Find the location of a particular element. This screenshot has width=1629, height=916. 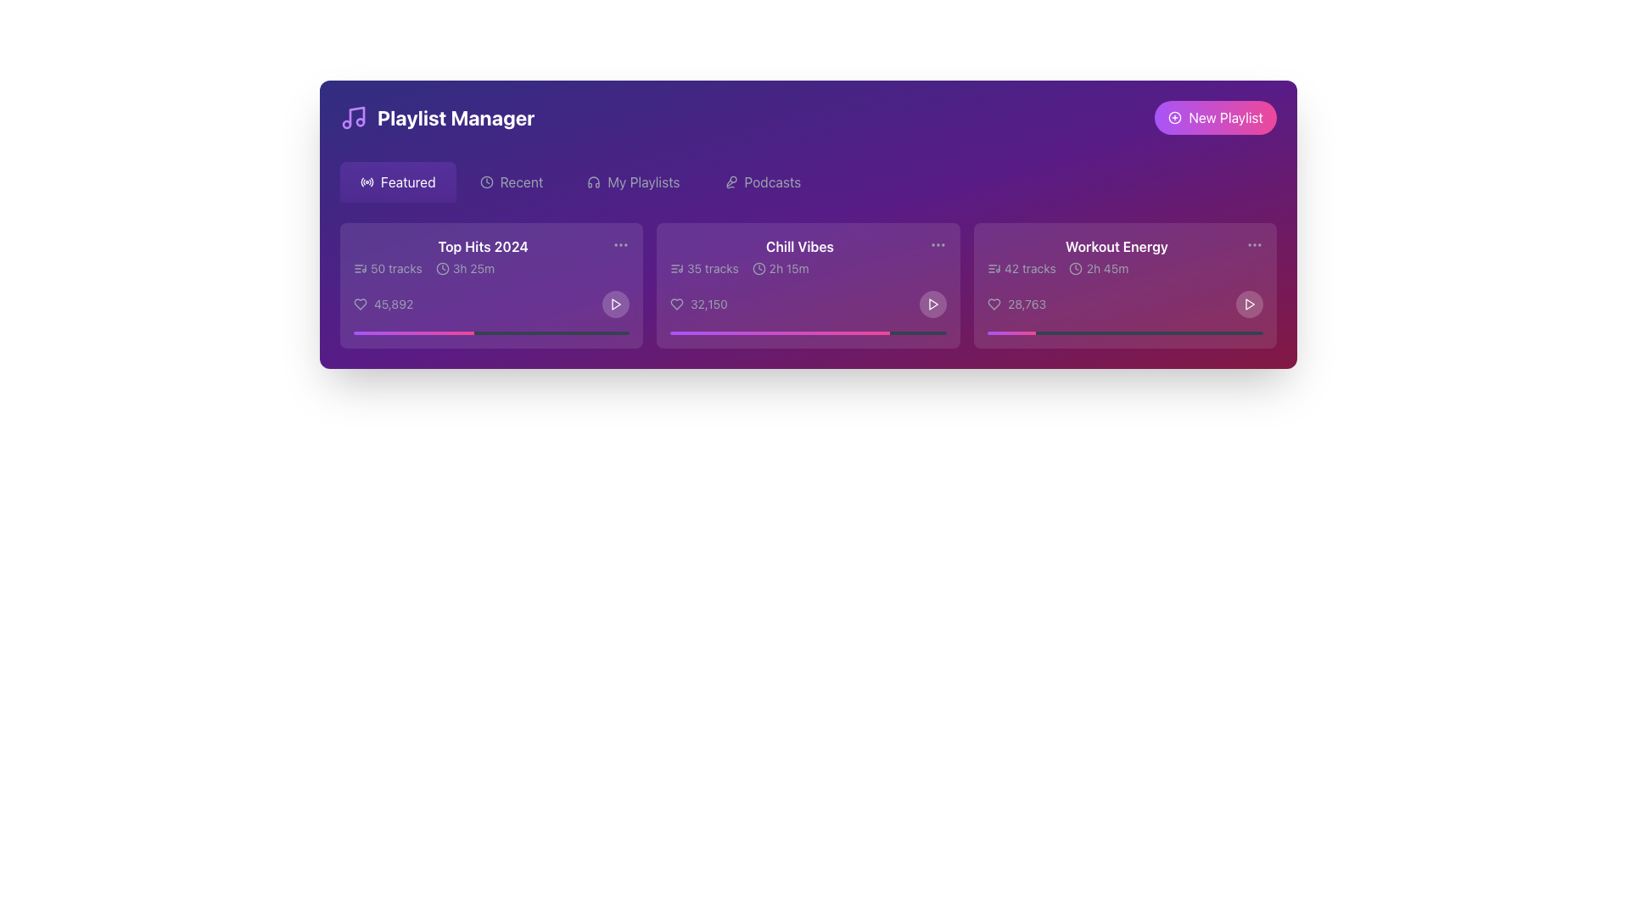

the text and icons displaying '35 tracks' and '2h 15m' in the second card of the playlist summary row under the title 'Chill Vibes' is located at coordinates (798, 267).